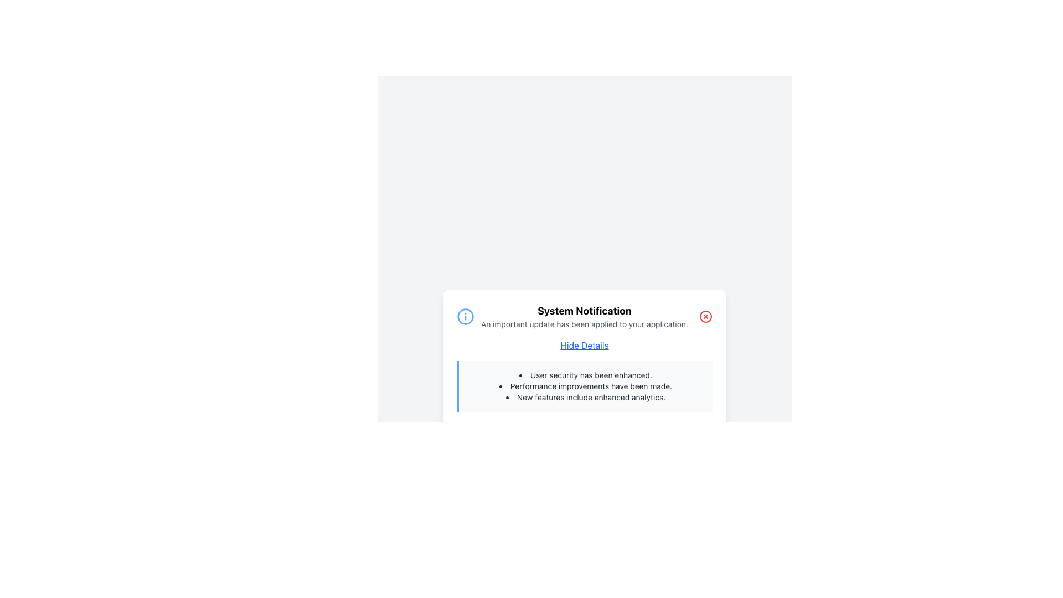 The height and width of the screenshot is (598, 1063). What do you see at coordinates (585, 375) in the screenshot?
I see `the text bullet point reading 'User security has been enhanced.' for accessibility purposes` at bounding box center [585, 375].